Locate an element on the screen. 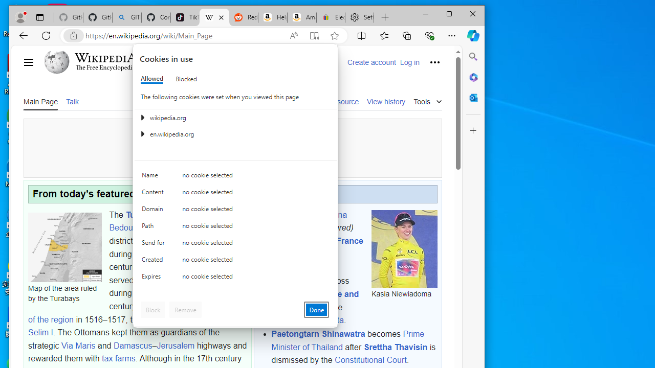  'Allowed' is located at coordinates (151, 78).